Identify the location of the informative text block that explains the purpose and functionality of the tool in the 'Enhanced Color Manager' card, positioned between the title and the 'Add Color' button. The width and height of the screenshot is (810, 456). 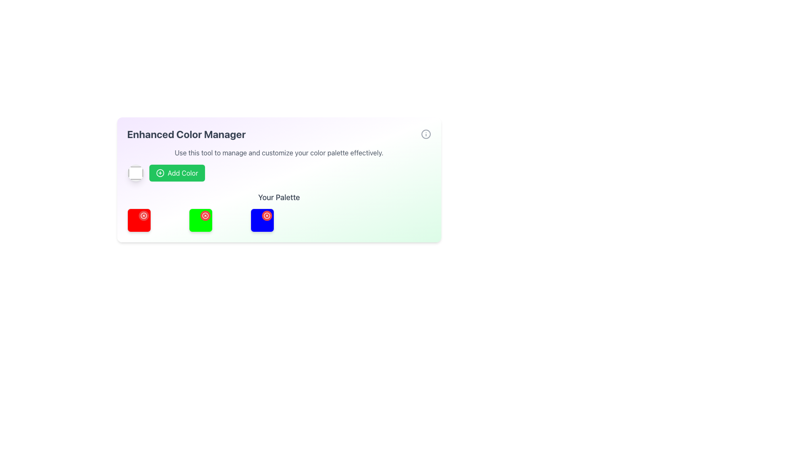
(279, 153).